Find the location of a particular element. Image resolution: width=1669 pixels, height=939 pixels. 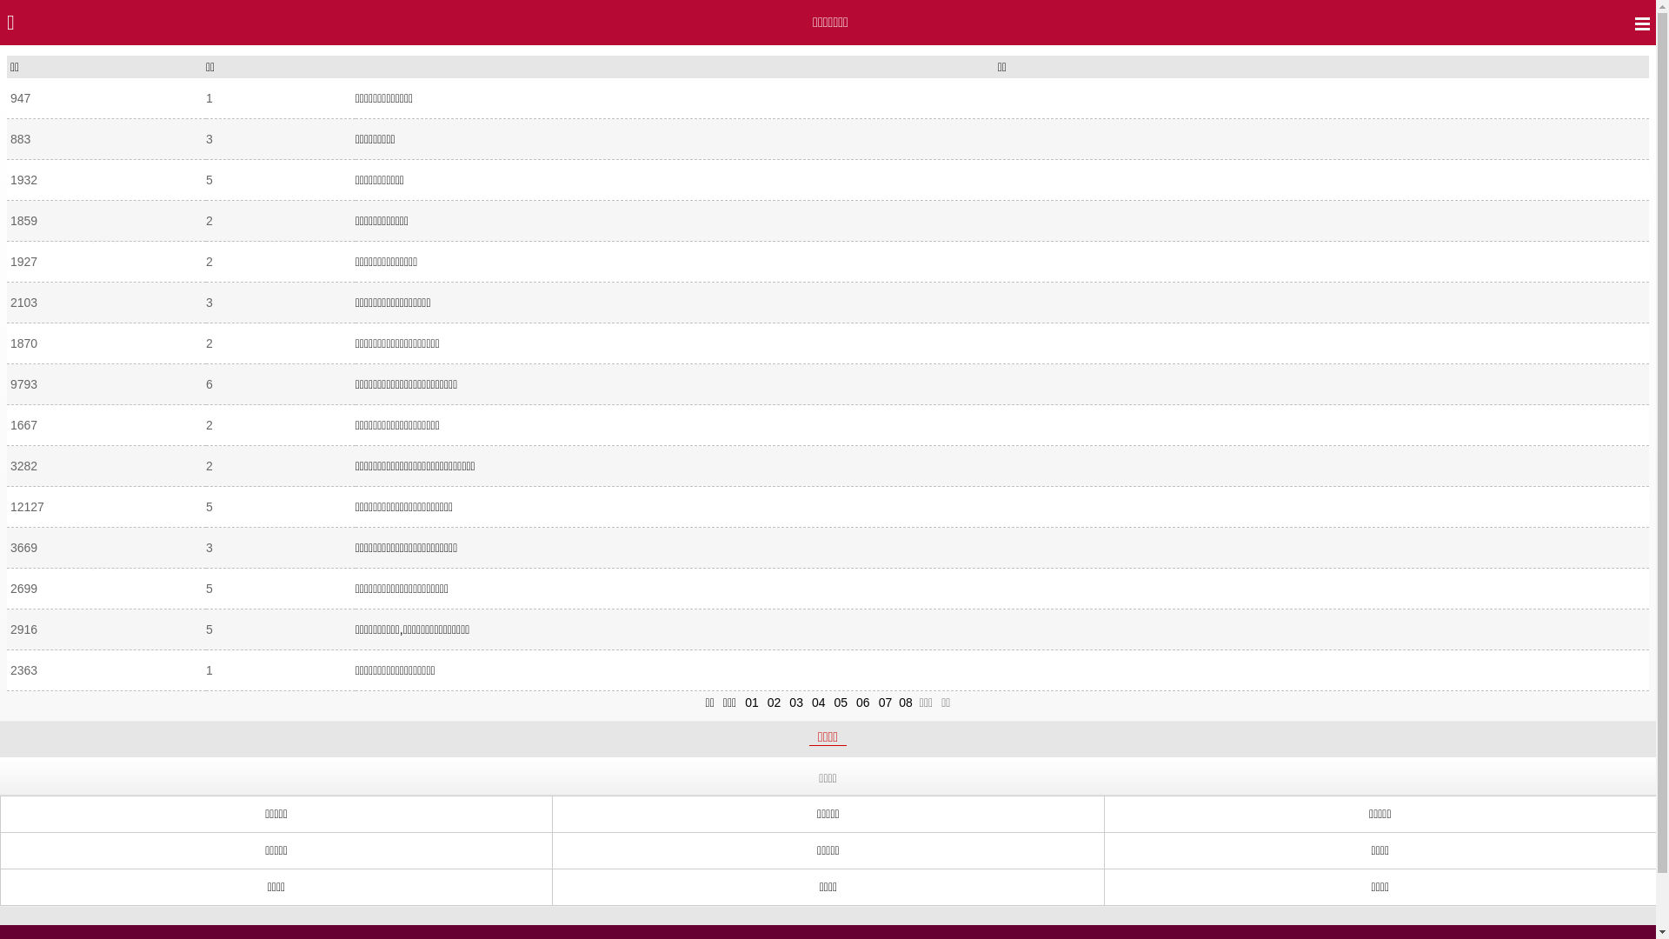

'03' is located at coordinates (795, 701).